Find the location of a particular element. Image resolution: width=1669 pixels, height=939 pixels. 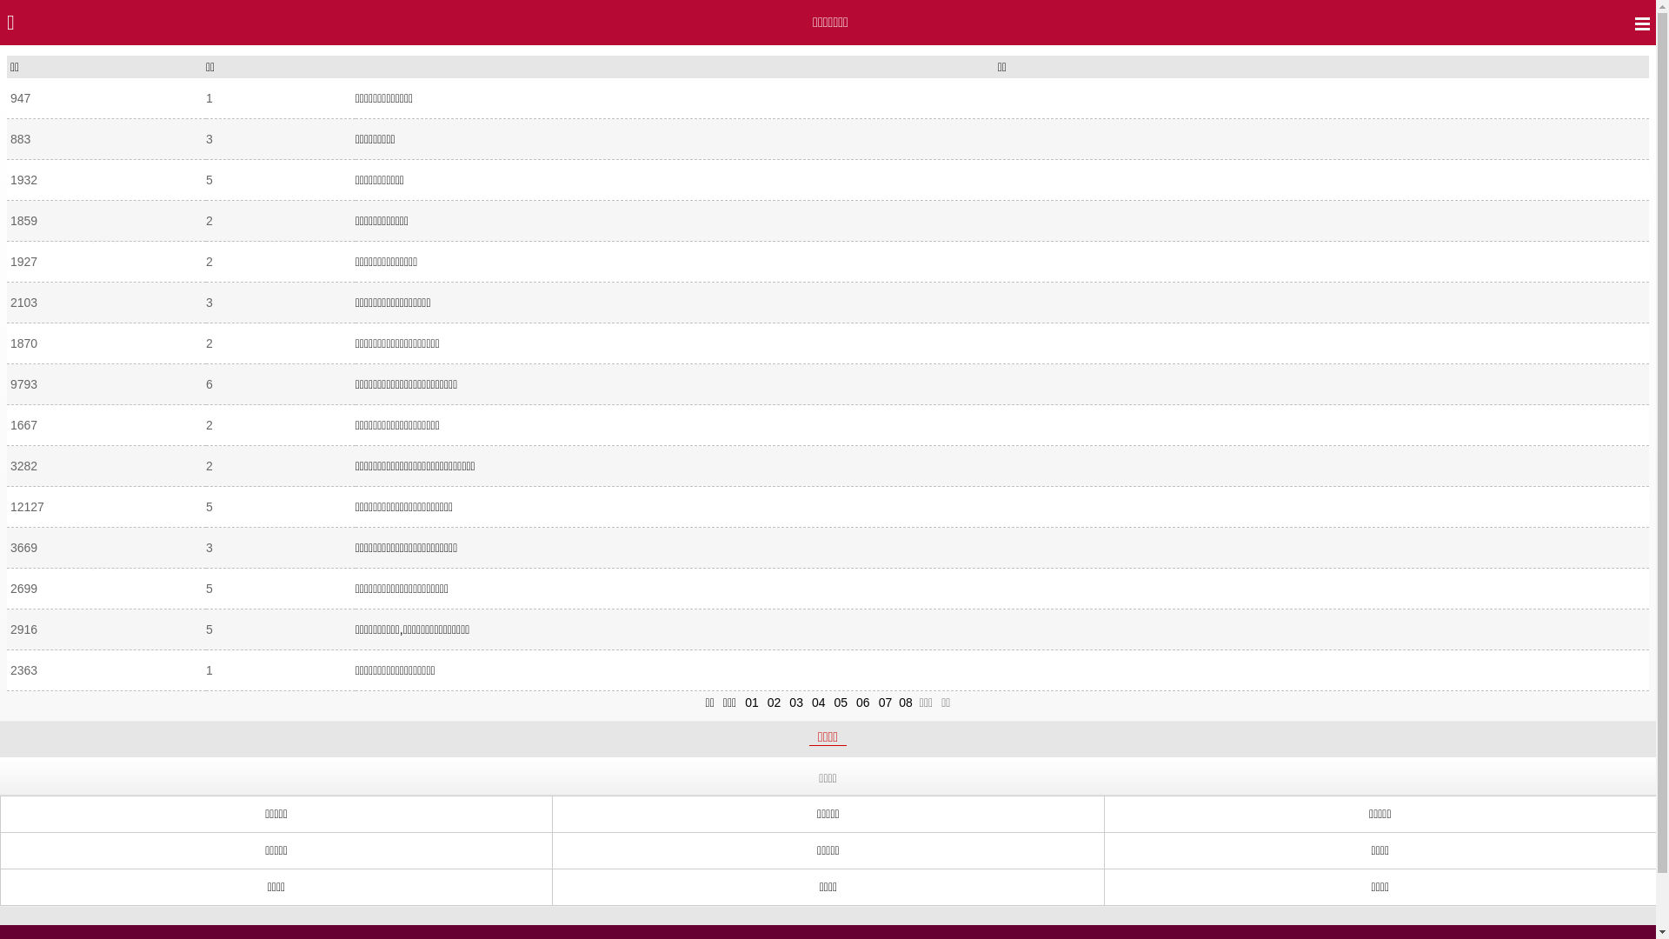

'03' is located at coordinates (795, 701).